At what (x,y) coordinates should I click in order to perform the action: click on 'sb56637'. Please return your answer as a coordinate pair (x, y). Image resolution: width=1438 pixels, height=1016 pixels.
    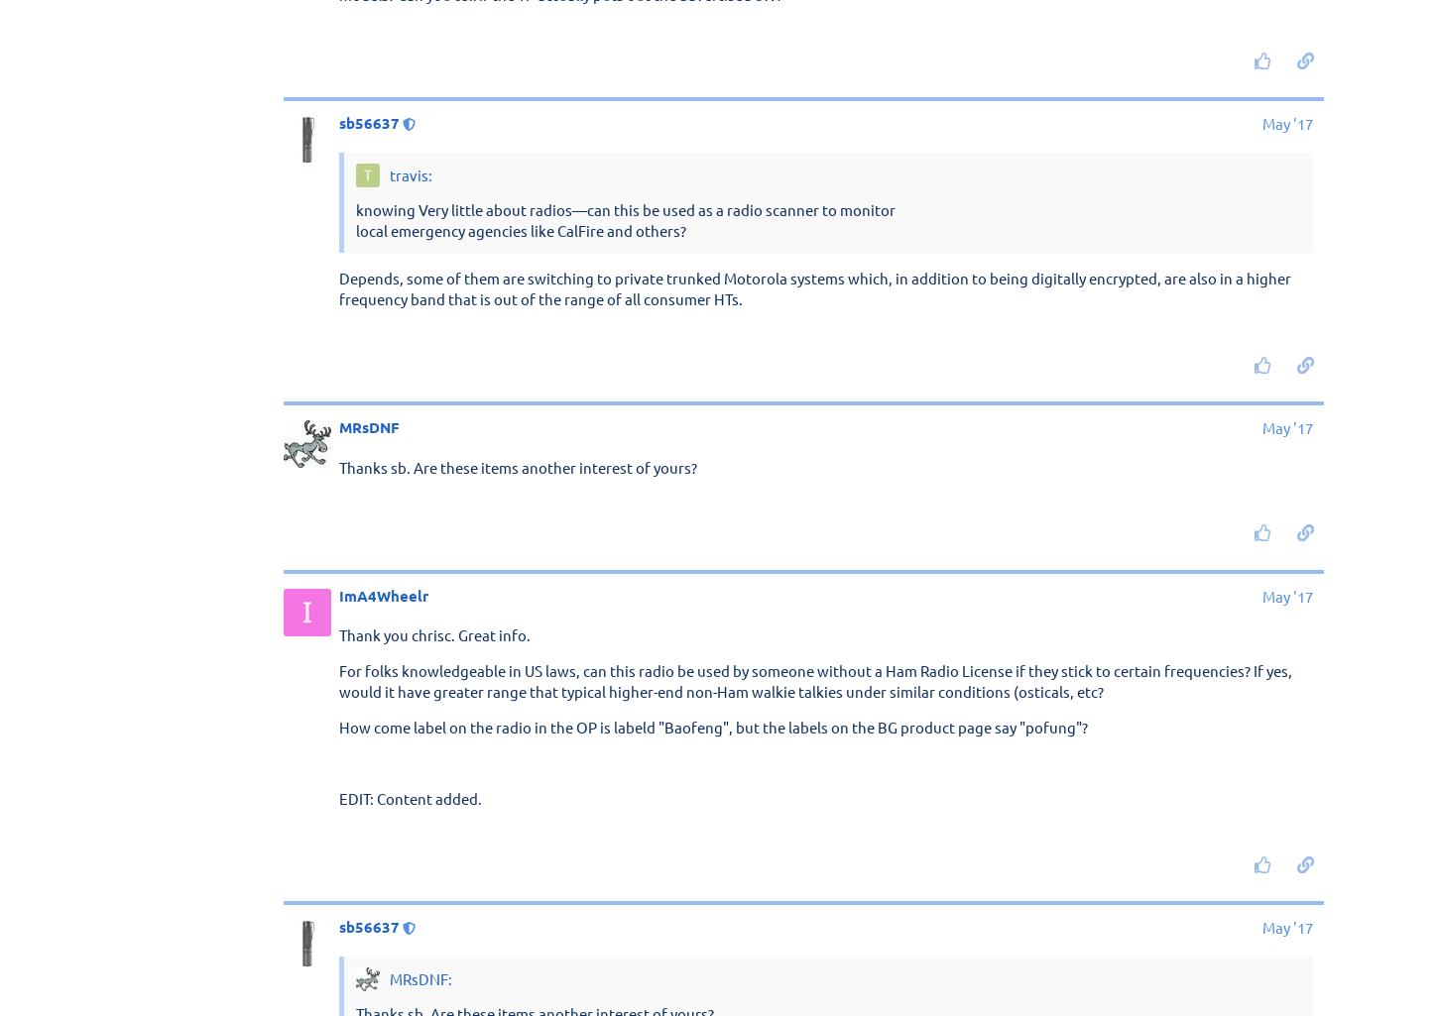
    Looking at the image, I should click on (368, 123).